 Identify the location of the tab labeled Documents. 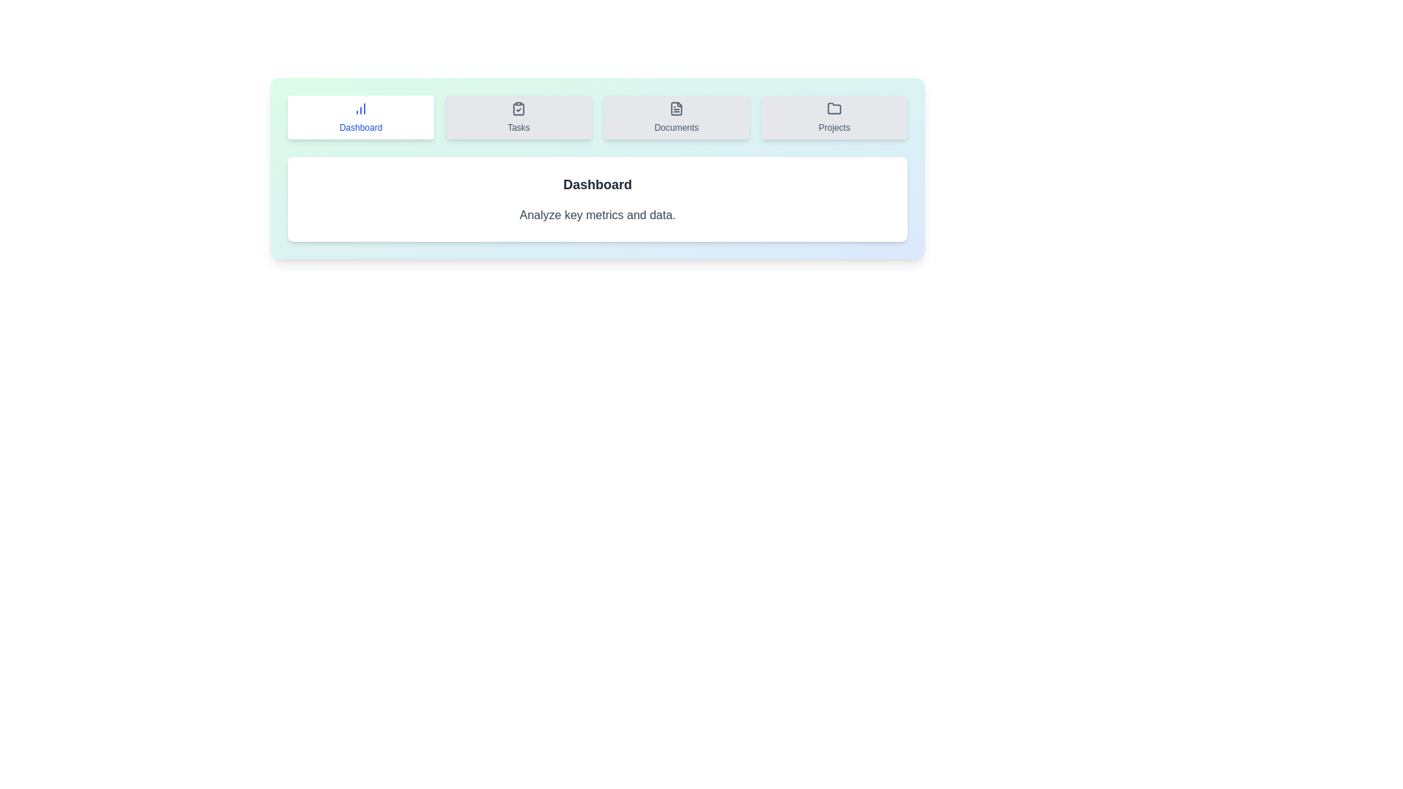
(676, 117).